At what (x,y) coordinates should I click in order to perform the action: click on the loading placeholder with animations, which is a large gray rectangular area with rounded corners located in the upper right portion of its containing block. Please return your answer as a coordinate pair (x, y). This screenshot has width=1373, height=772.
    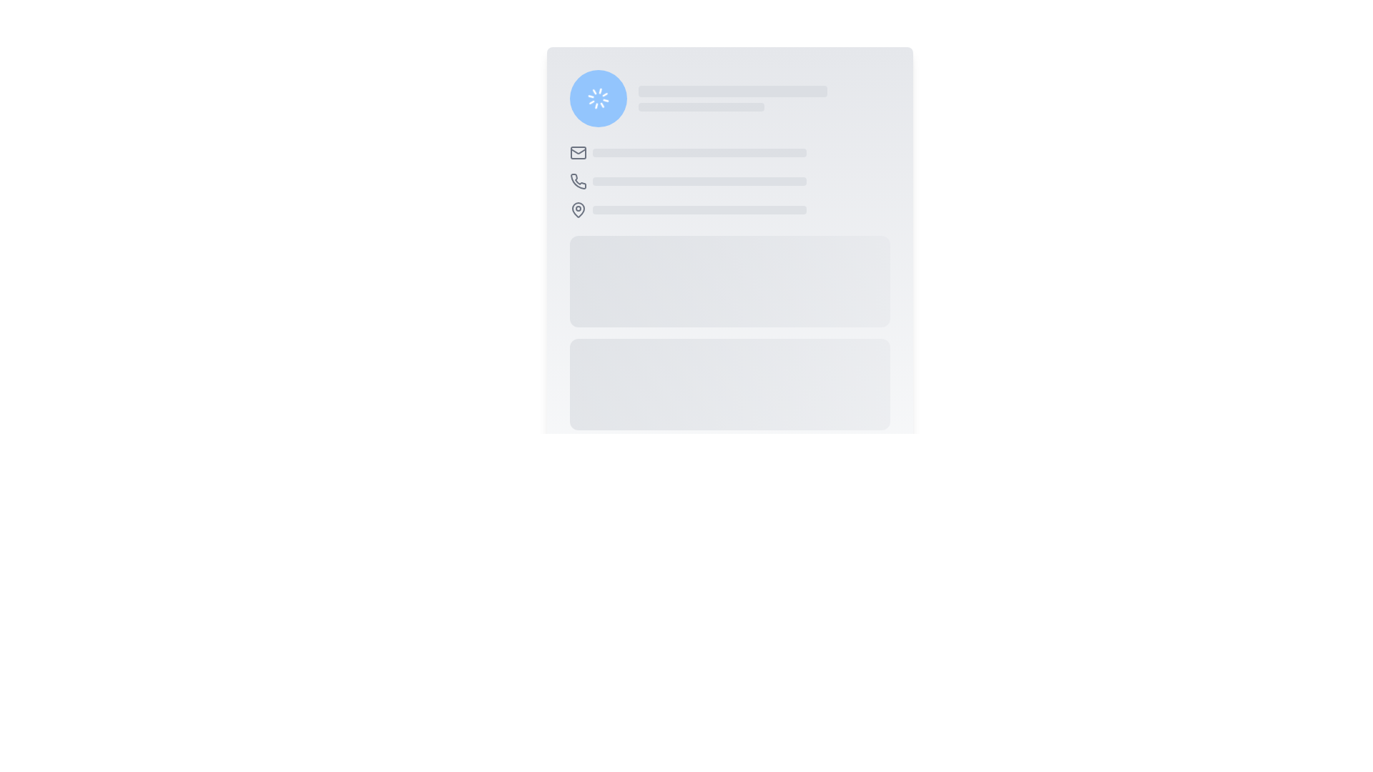
    Looking at the image, I should click on (763, 98).